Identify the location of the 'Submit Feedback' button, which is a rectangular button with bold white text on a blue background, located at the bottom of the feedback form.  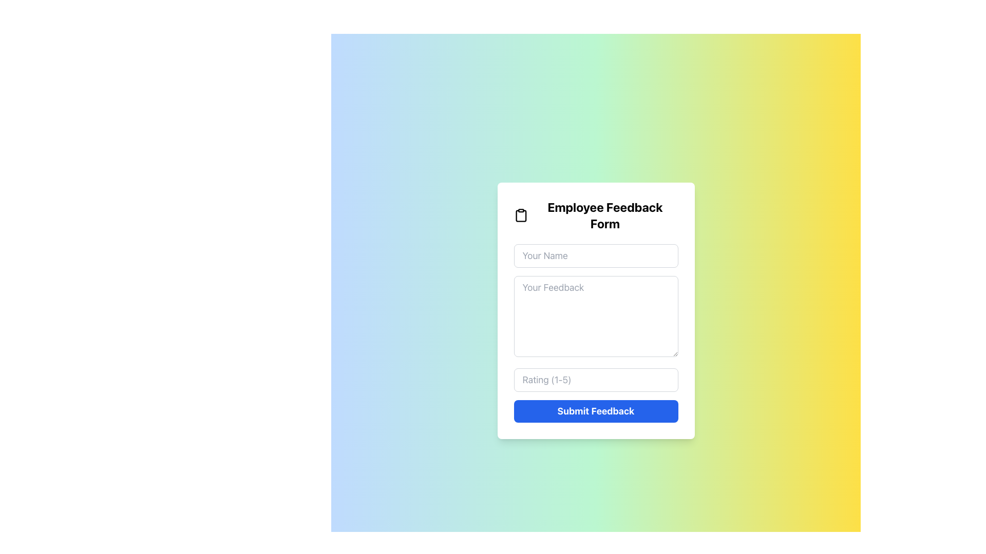
(596, 411).